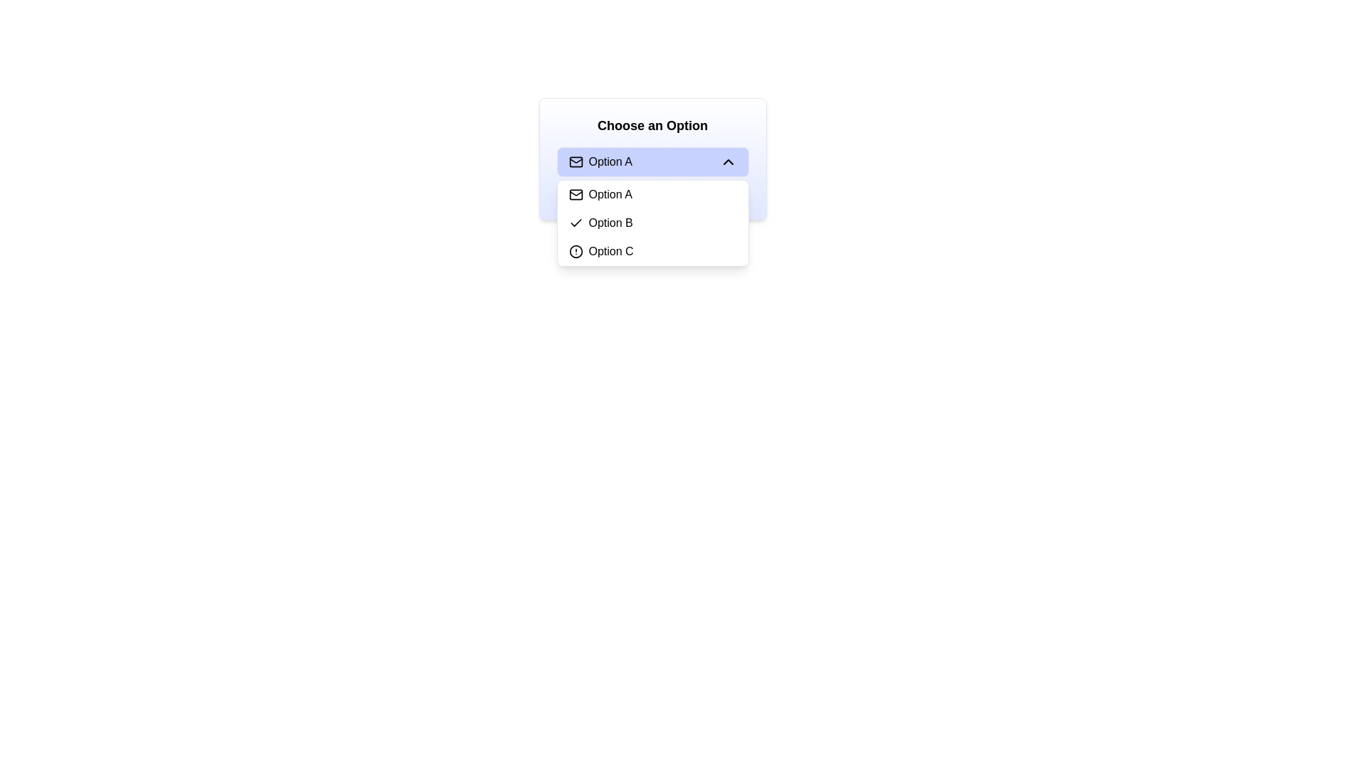 This screenshot has height=768, width=1366. Describe the element at coordinates (576, 223) in the screenshot. I see `the check mark icon within the SVG element that indicates Option B is selected in the dropdown menu` at that location.